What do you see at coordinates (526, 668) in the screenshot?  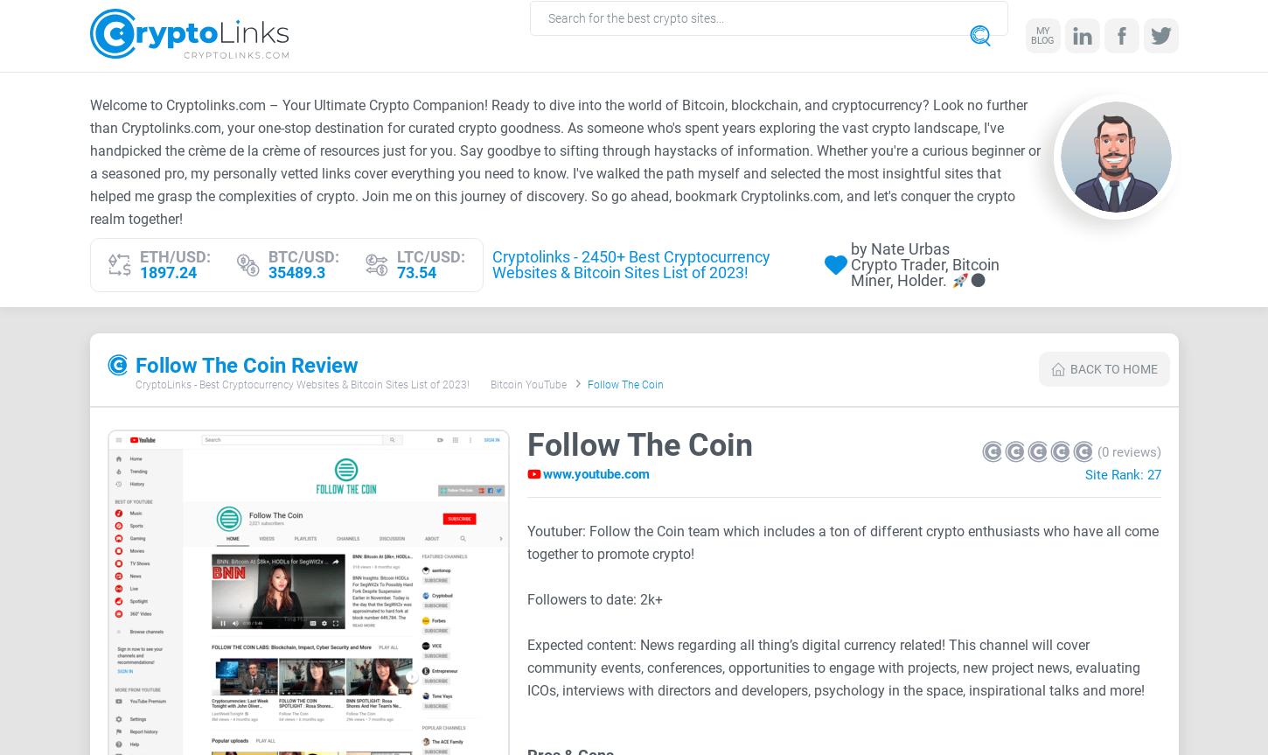 I see `'Expected content: News regarding all thing’s digital currency related! This channel will cover community events, conferences, opportunities to engage with projects, new project news, evaluating ICOs, interviews with directors and developers, psychology in the space, inspirational talks and more!'` at bounding box center [526, 668].